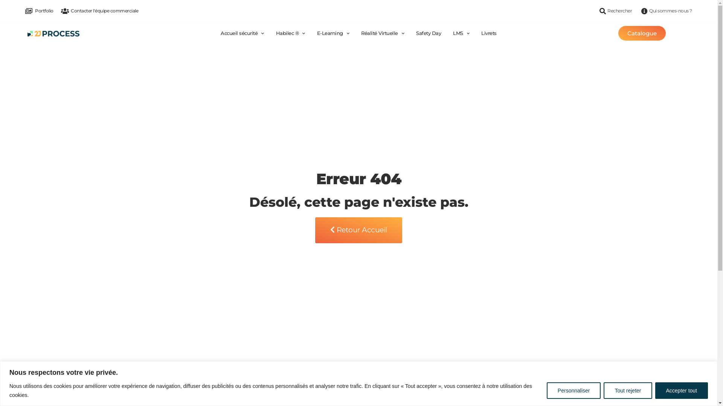  Describe the element at coordinates (573, 389) in the screenshot. I see `'Personnaliser'` at that location.